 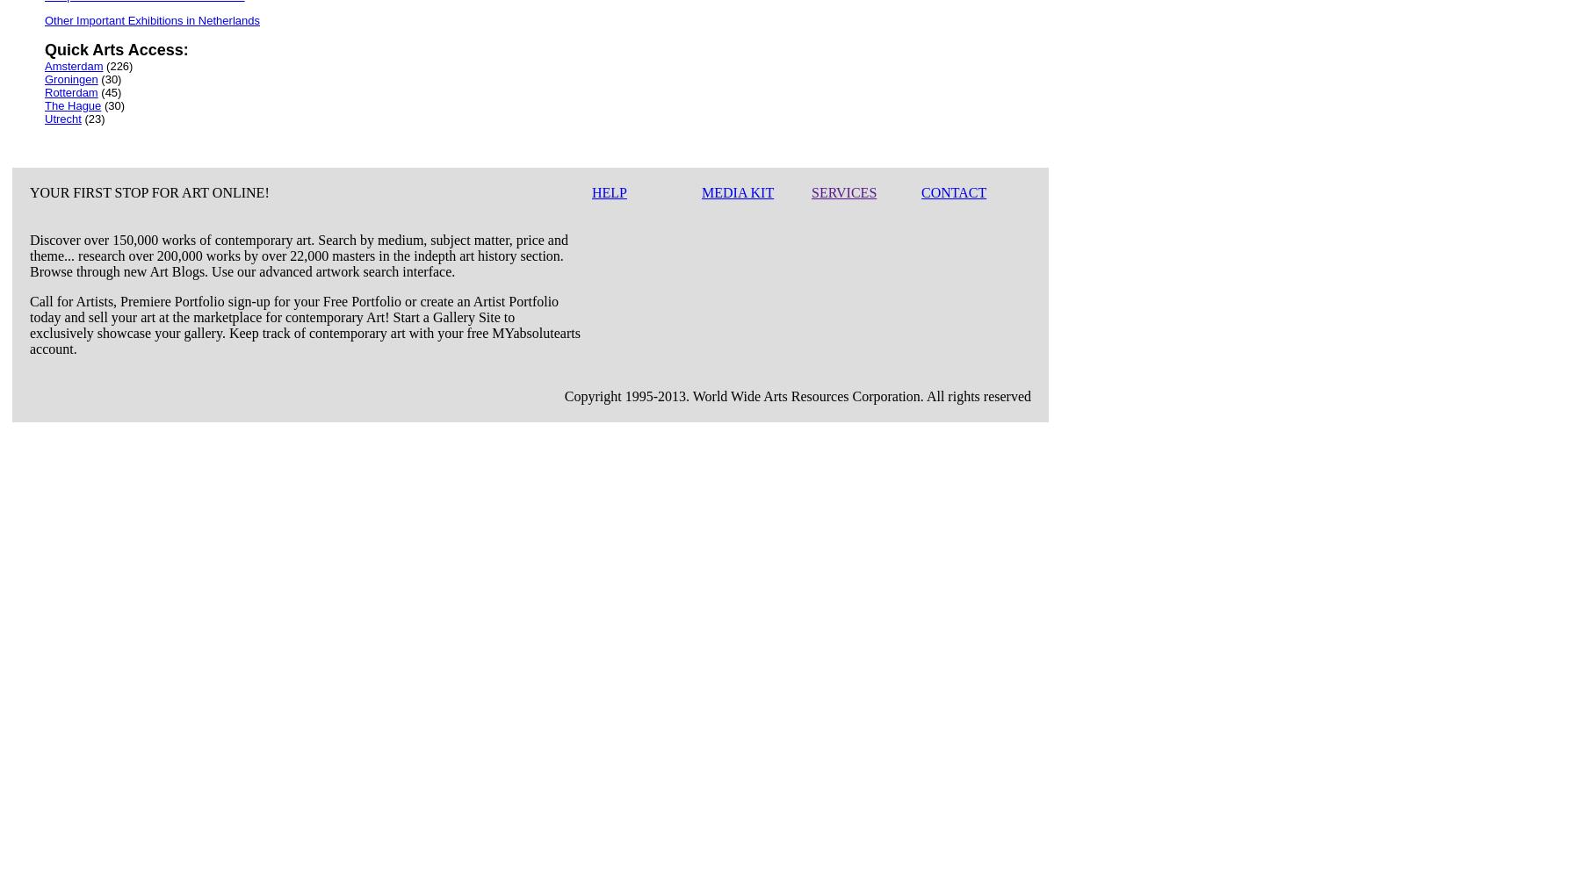 What do you see at coordinates (74, 65) in the screenshot?
I see `'Amsterdam'` at bounding box center [74, 65].